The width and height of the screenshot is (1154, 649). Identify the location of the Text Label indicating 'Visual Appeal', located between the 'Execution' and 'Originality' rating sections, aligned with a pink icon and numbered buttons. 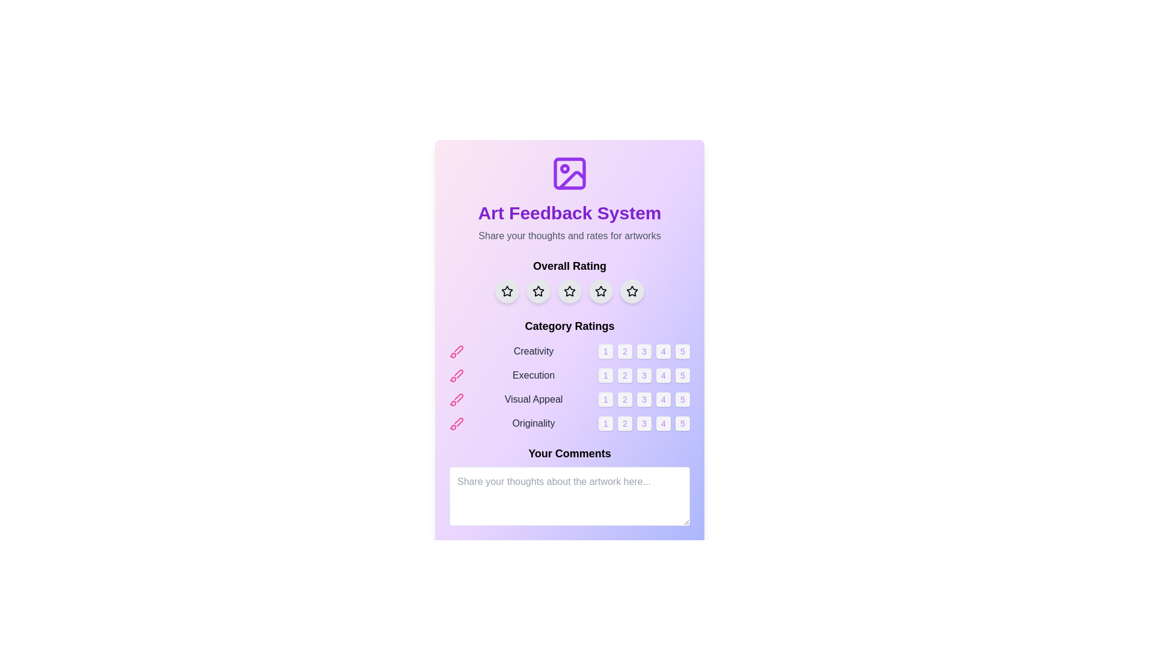
(533, 399).